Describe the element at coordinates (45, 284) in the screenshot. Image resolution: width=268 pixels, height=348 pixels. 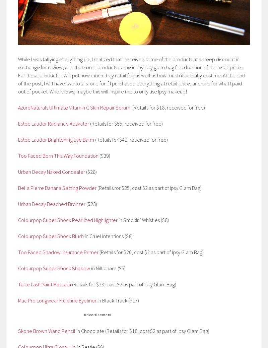
I see `'Tarte Lash Paint Mascara'` at that location.